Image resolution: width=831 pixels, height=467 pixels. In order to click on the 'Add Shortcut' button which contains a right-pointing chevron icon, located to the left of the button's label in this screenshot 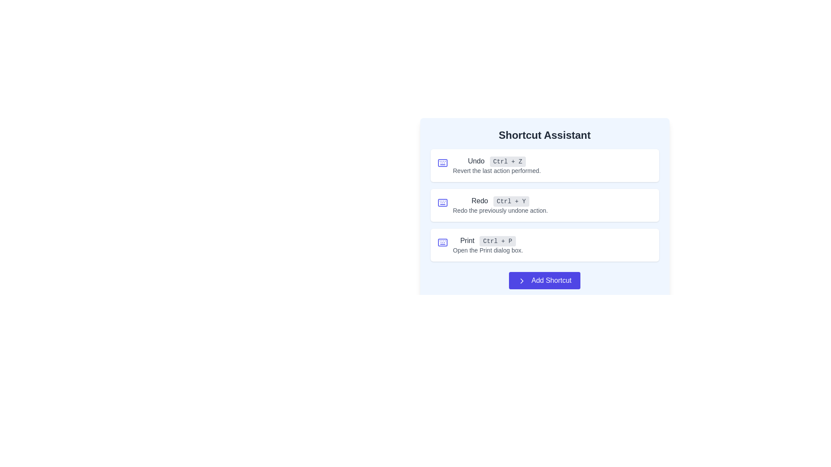, I will do `click(522, 281)`.